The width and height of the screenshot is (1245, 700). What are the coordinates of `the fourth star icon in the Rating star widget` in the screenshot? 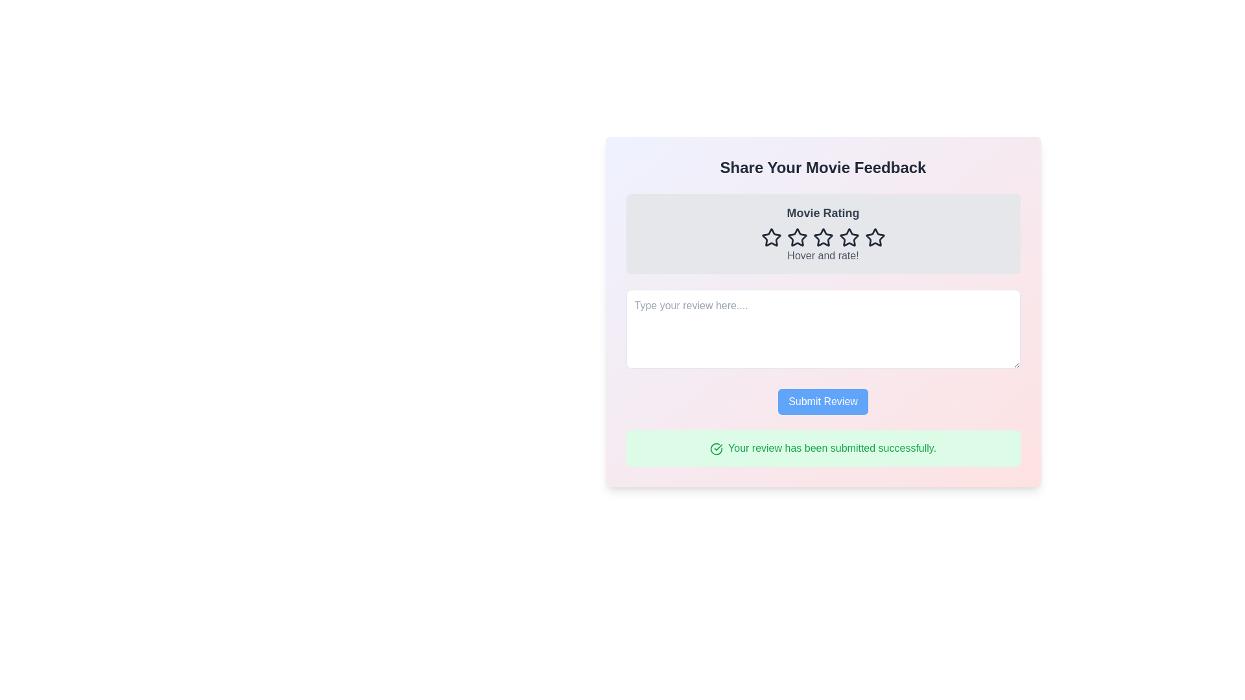 It's located at (849, 237).